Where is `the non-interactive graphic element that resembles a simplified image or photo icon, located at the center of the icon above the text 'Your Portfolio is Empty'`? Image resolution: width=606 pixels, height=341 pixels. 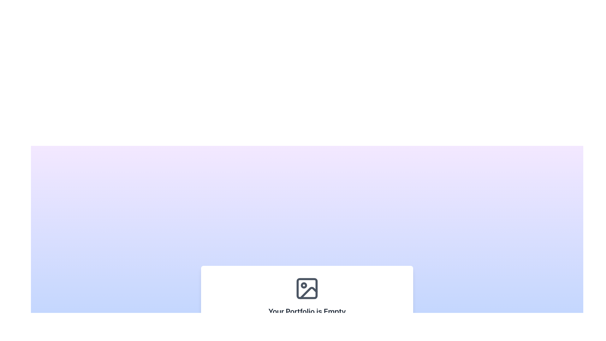 the non-interactive graphic element that resembles a simplified image or photo icon, located at the center of the icon above the text 'Your Portfolio is Empty' is located at coordinates (307, 289).